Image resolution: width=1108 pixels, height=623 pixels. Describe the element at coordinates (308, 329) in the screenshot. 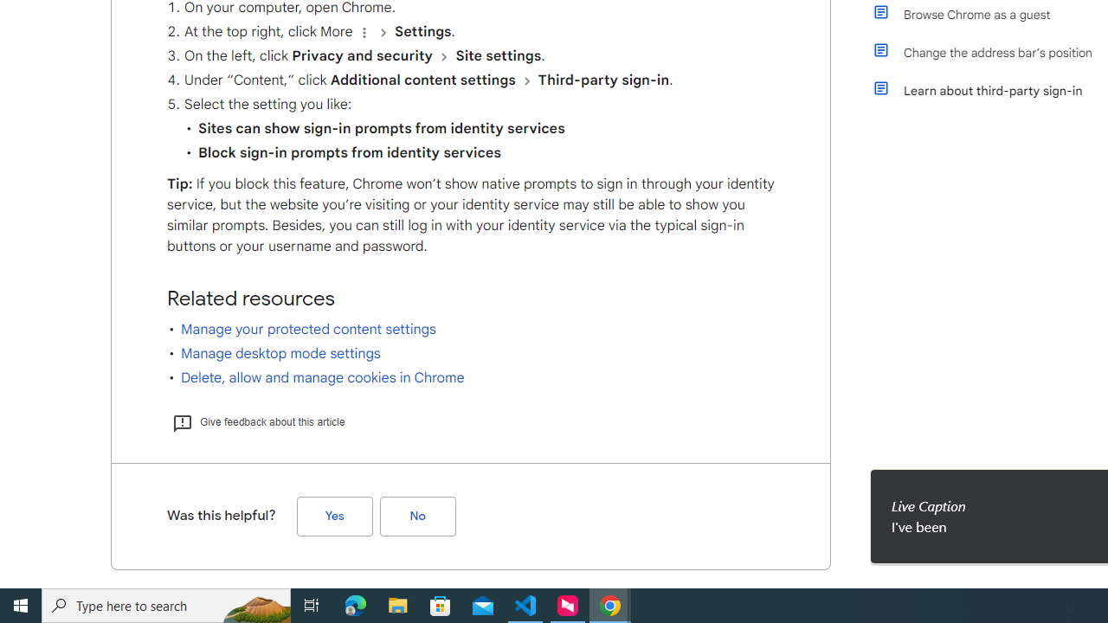

I see `'Manage your protected content settings'` at that location.